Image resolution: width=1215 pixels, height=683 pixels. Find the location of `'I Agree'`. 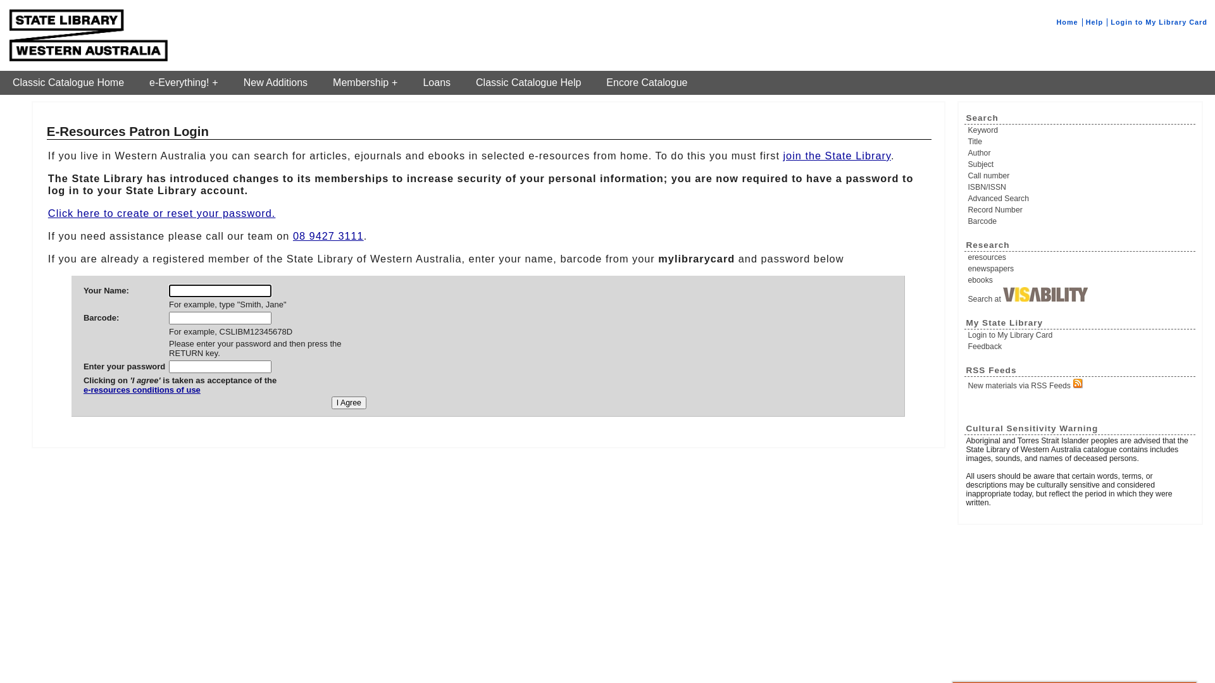

'I Agree' is located at coordinates (349, 402).